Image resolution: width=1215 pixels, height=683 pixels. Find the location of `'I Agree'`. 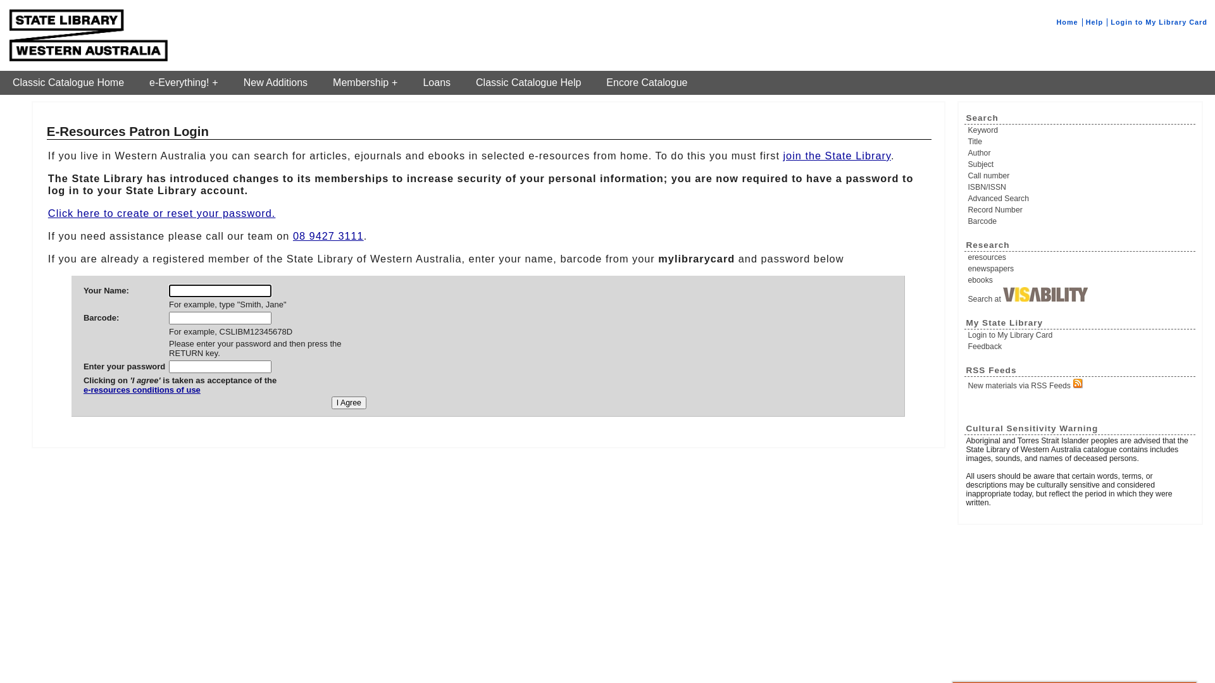

'I Agree' is located at coordinates (349, 402).